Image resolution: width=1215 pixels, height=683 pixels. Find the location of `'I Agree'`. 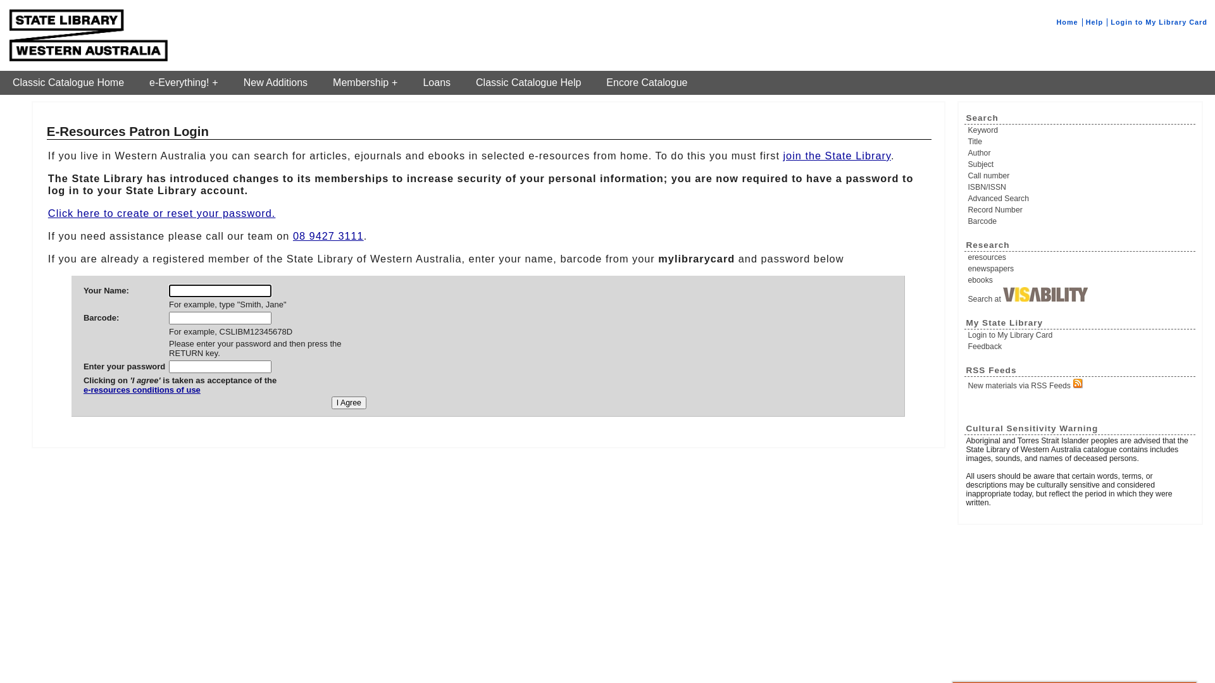

'I Agree' is located at coordinates (349, 402).